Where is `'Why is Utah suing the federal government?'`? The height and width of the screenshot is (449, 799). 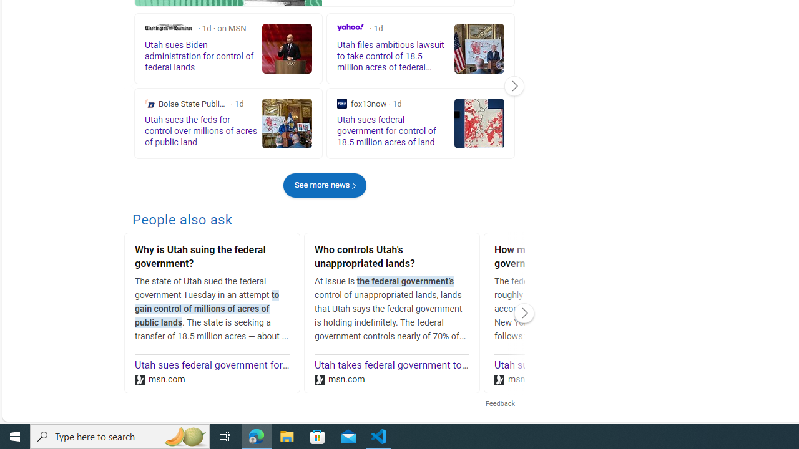 'Why is Utah suing the federal government?' is located at coordinates (212, 258).